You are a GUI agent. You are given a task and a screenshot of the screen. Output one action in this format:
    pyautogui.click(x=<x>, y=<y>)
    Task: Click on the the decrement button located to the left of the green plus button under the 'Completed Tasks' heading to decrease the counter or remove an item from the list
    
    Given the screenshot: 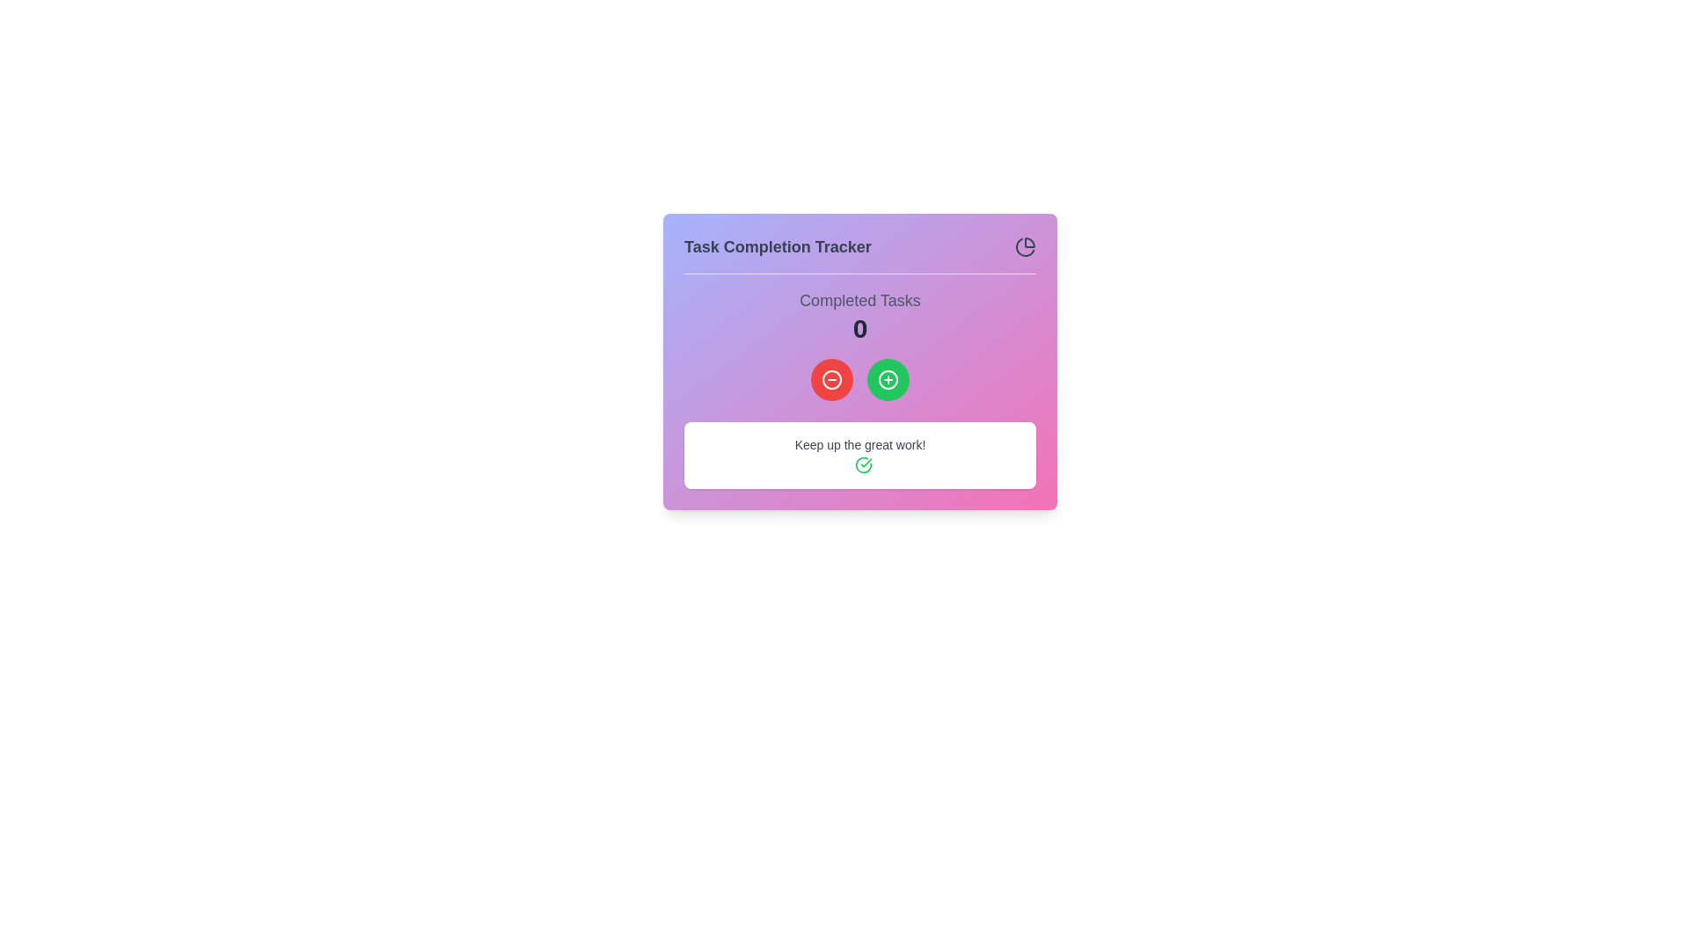 What is the action you would take?
    pyautogui.click(x=830, y=379)
    